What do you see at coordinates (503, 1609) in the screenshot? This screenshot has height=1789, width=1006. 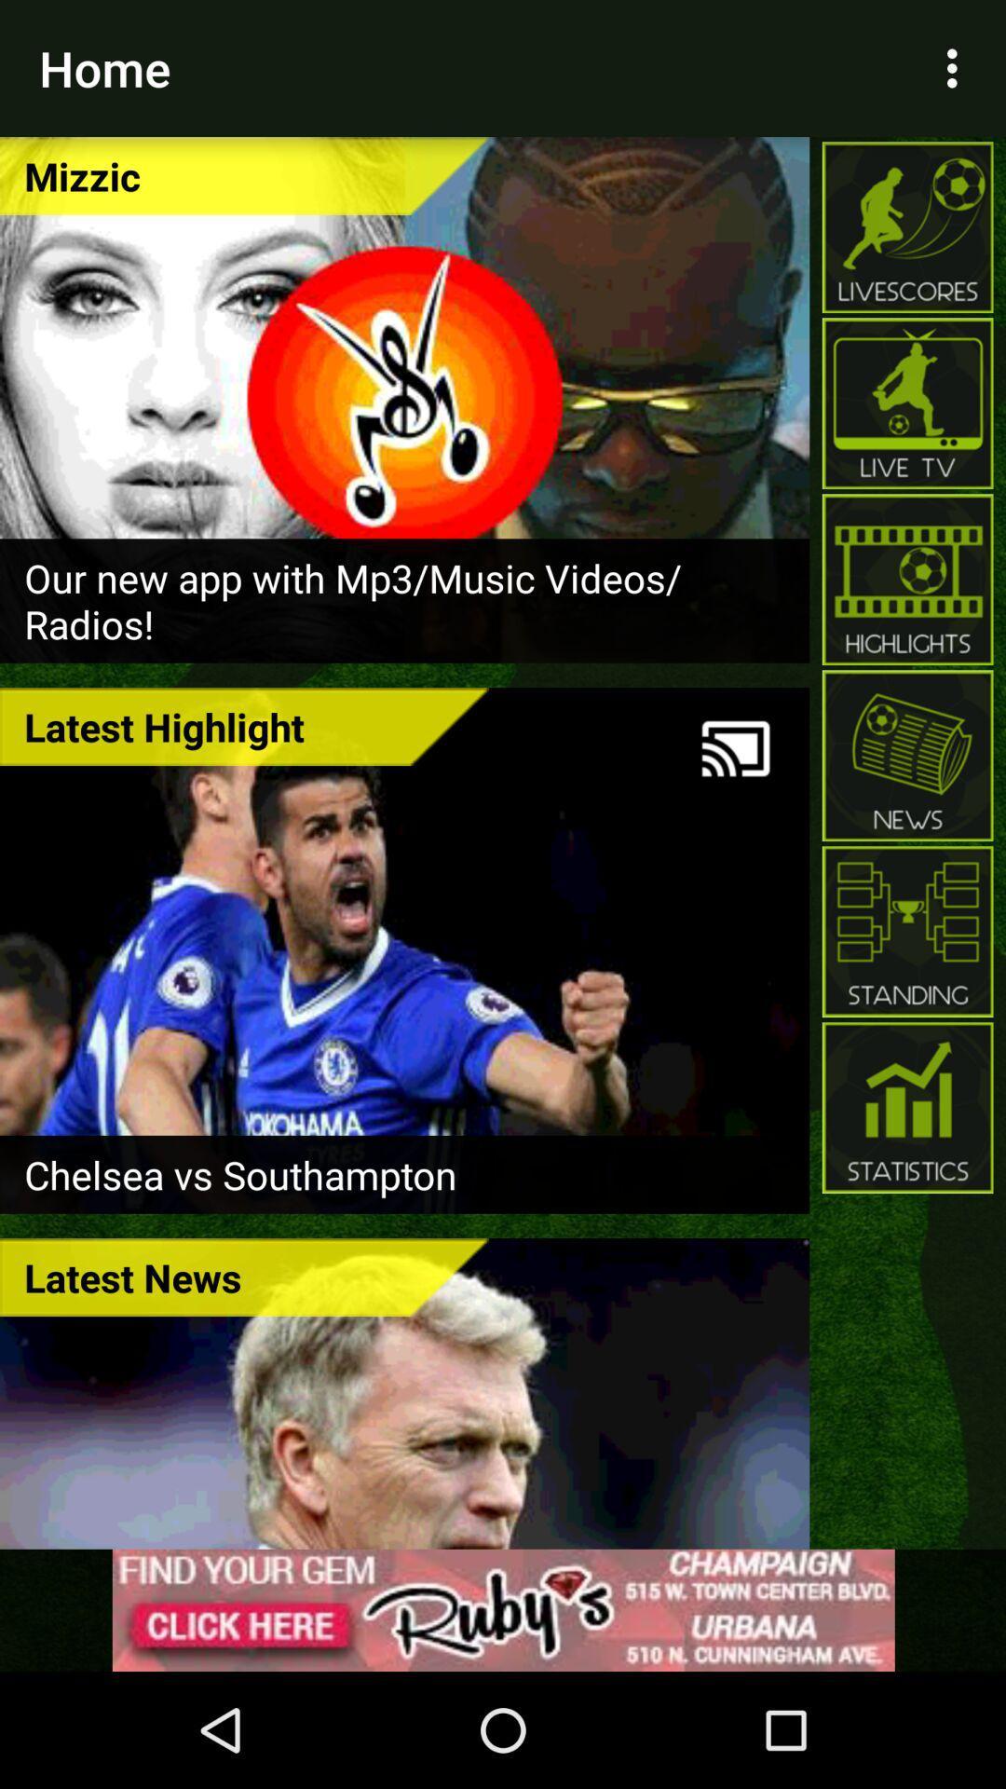 I see `advertisement` at bounding box center [503, 1609].